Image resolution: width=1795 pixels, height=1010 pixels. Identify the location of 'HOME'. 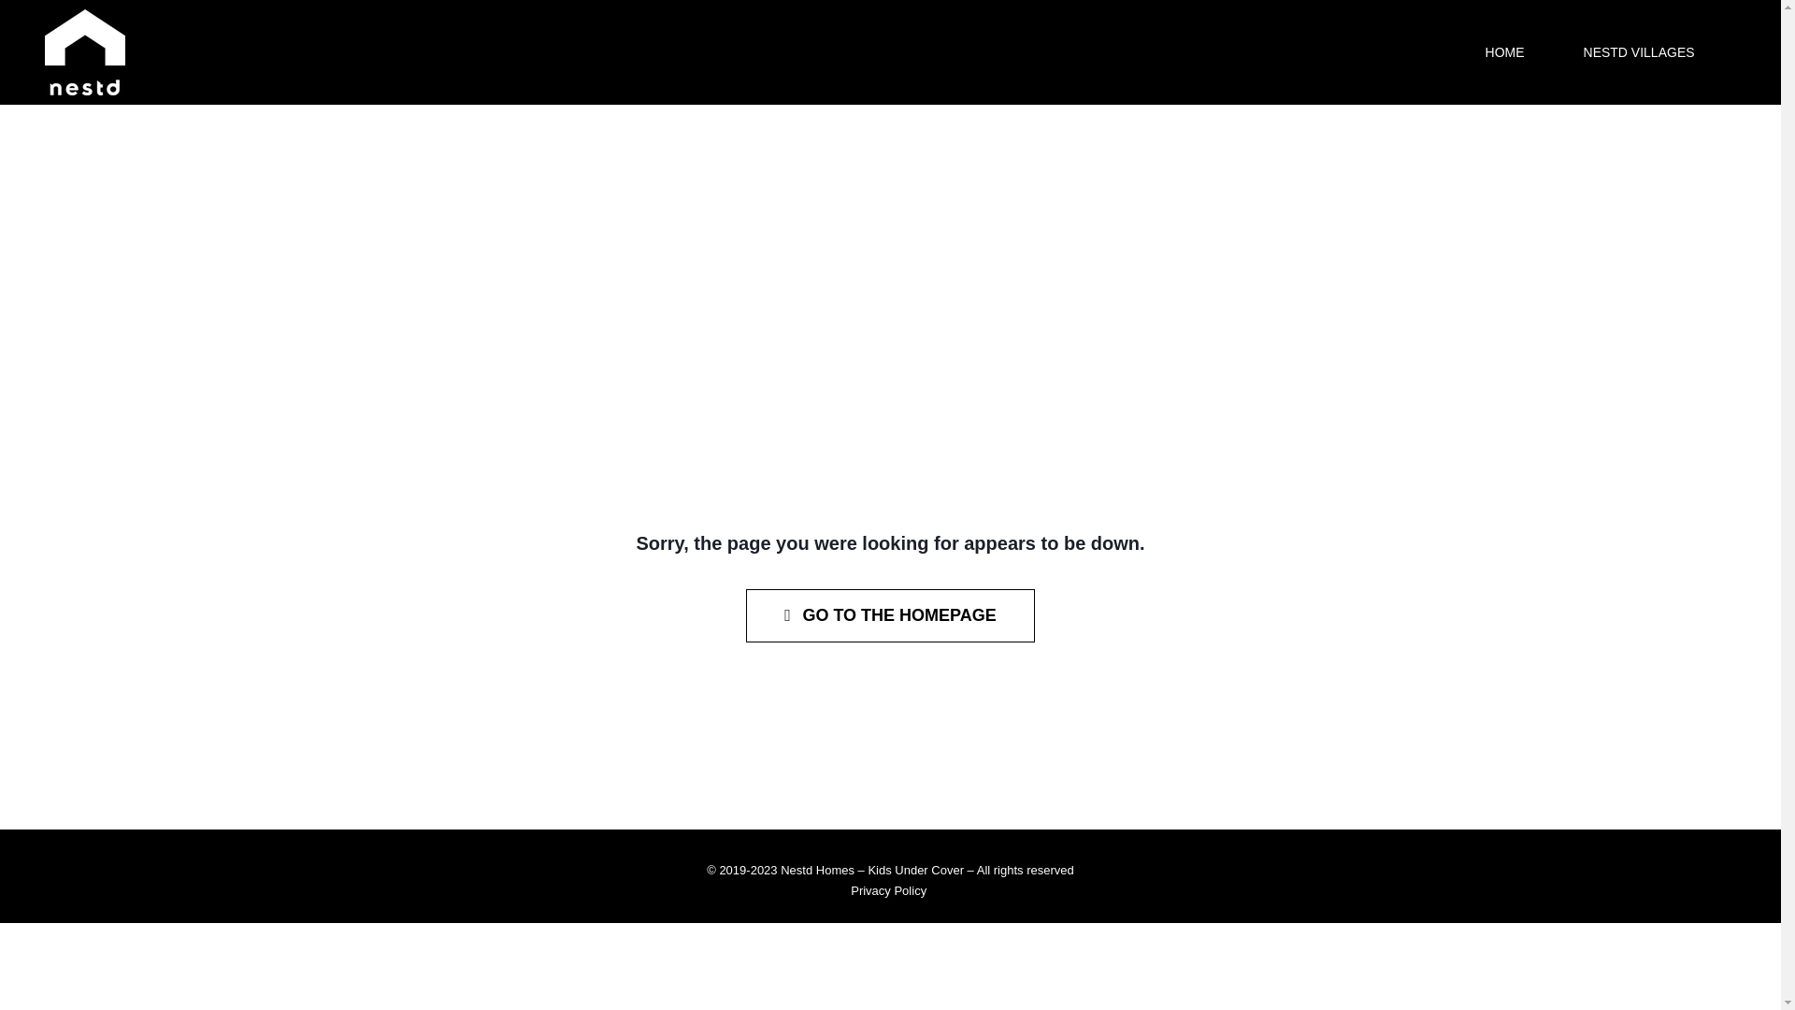
(1504, 51).